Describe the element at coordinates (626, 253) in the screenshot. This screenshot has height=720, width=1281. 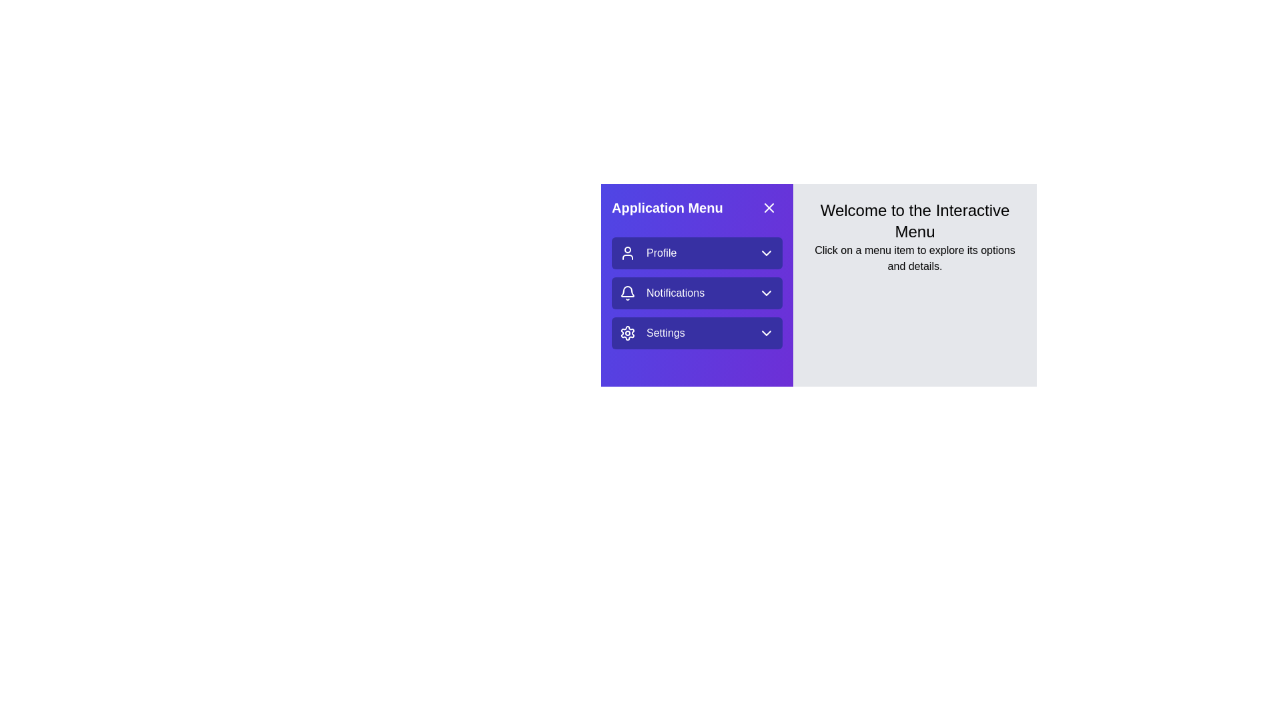
I see `the user profile silhouette SVG icon located to the left of the 'Profile' label in the Application Menu panel to identify the menu option` at that location.